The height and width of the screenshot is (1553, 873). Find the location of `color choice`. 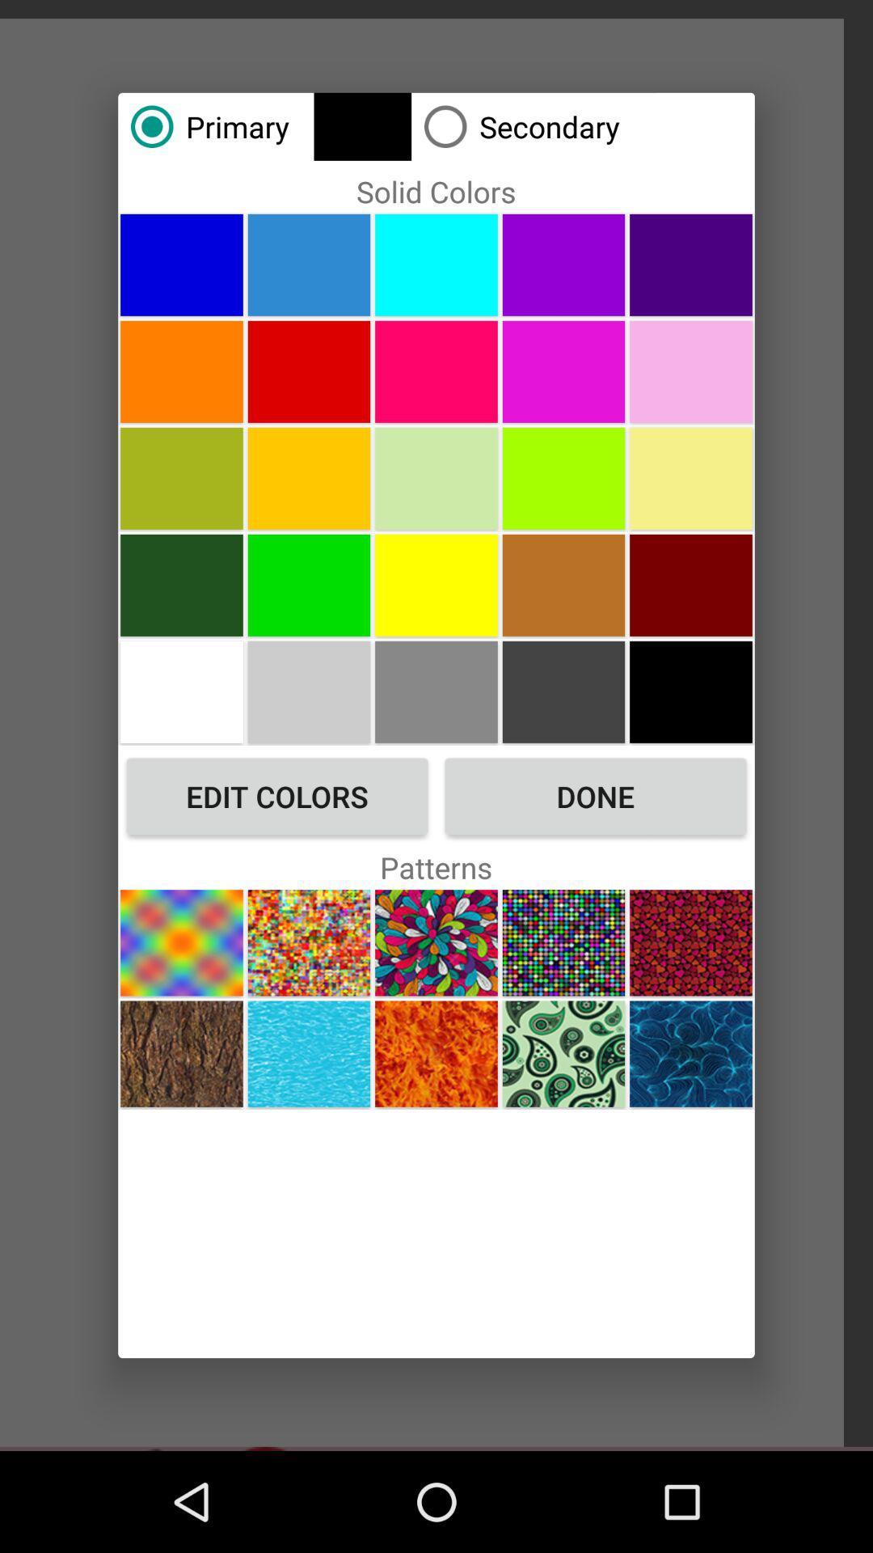

color choice is located at coordinates (181, 264).